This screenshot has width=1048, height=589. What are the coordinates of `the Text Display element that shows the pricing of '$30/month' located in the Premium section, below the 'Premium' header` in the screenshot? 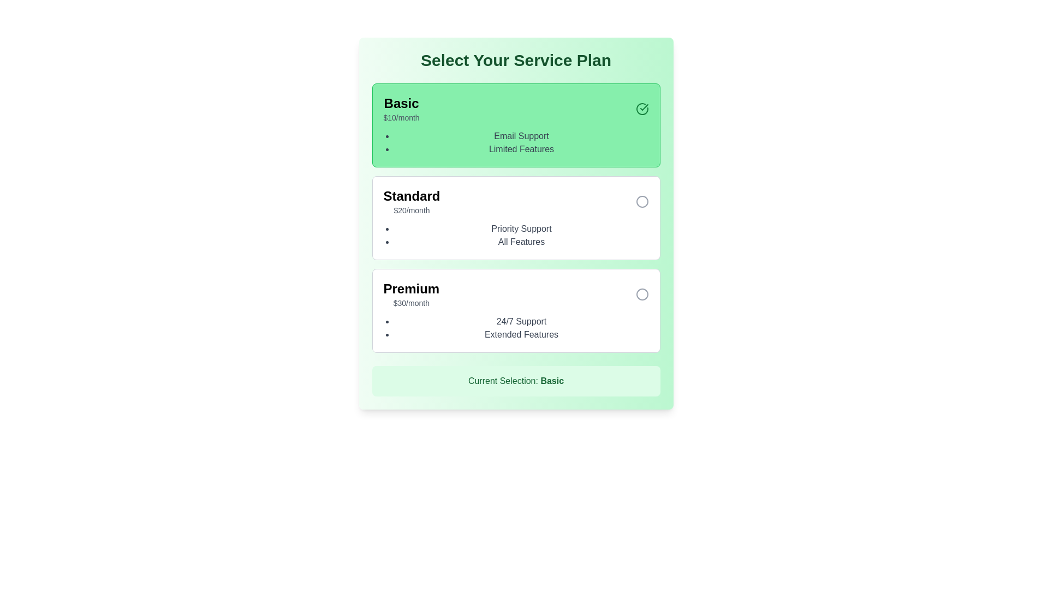 It's located at (410, 303).